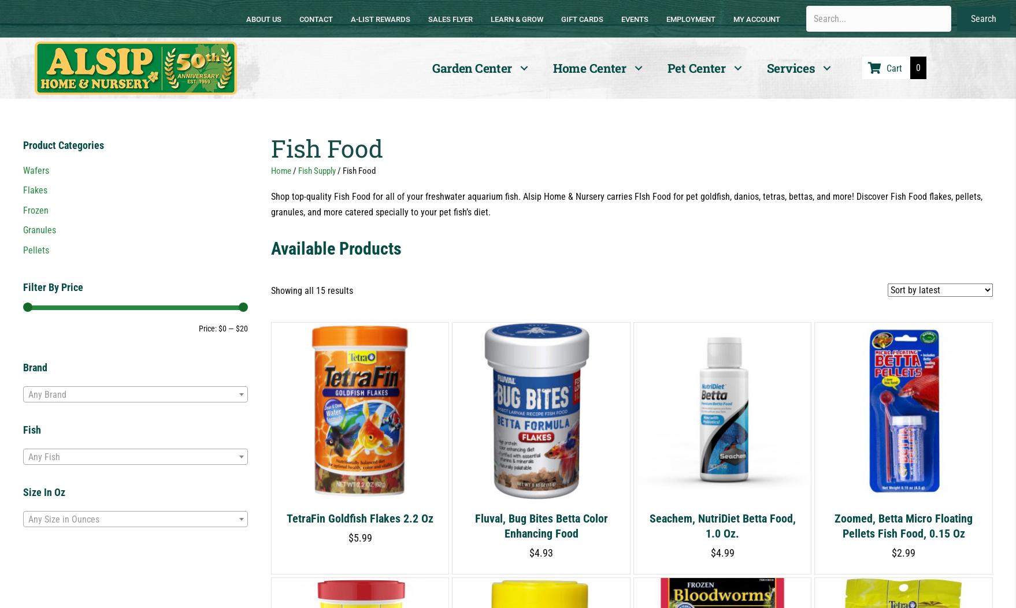  I want to click on 'Seachem, NutriDiet Betta Food, 1.0 oz.', so click(722, 525).